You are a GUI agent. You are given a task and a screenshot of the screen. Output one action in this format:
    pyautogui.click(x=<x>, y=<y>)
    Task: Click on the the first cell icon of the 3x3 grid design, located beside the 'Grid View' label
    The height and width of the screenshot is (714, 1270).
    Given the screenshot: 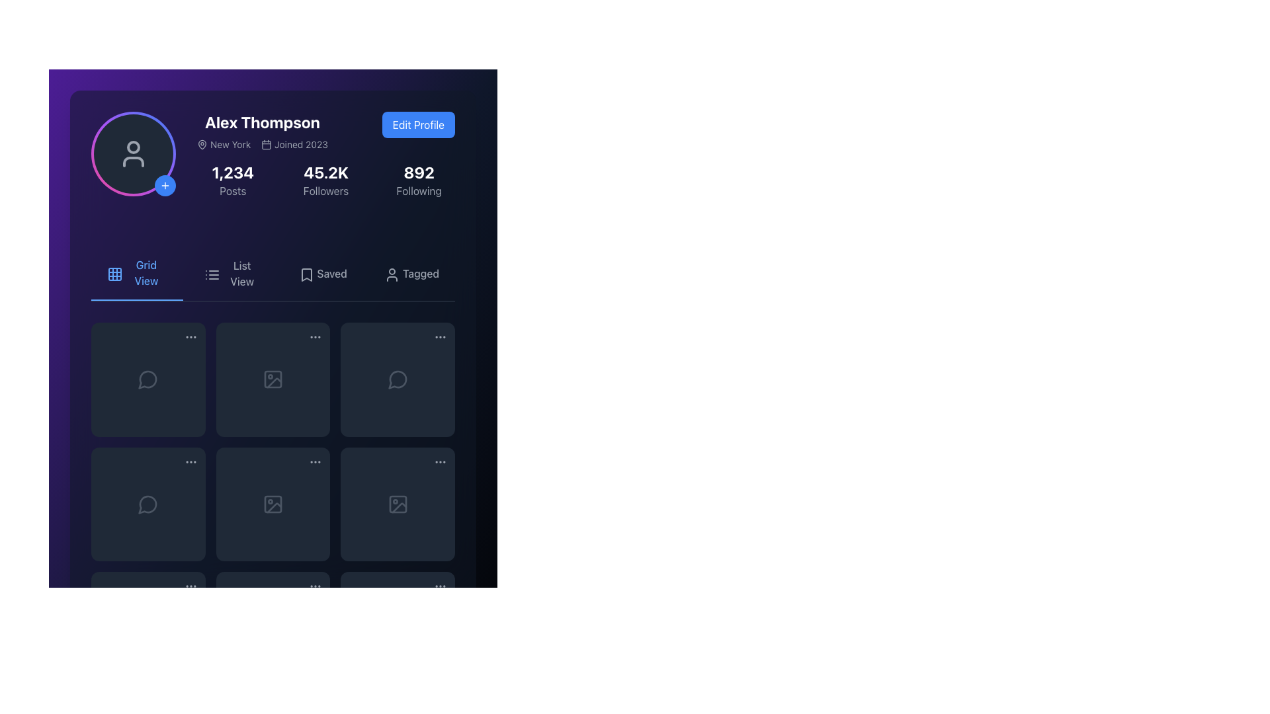 What is the action you would take?
    pyautogui.click(x=114, y=274)
    